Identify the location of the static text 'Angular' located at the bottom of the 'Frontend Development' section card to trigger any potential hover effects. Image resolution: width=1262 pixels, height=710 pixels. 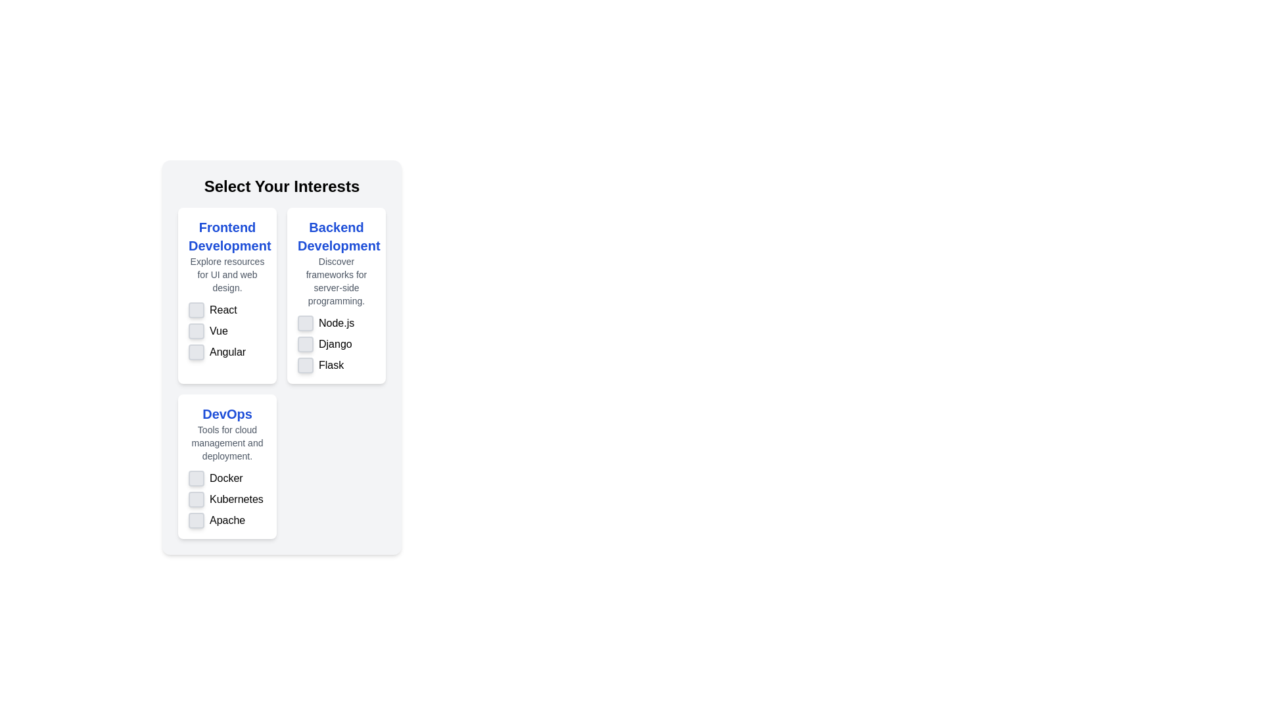
(227, 352).